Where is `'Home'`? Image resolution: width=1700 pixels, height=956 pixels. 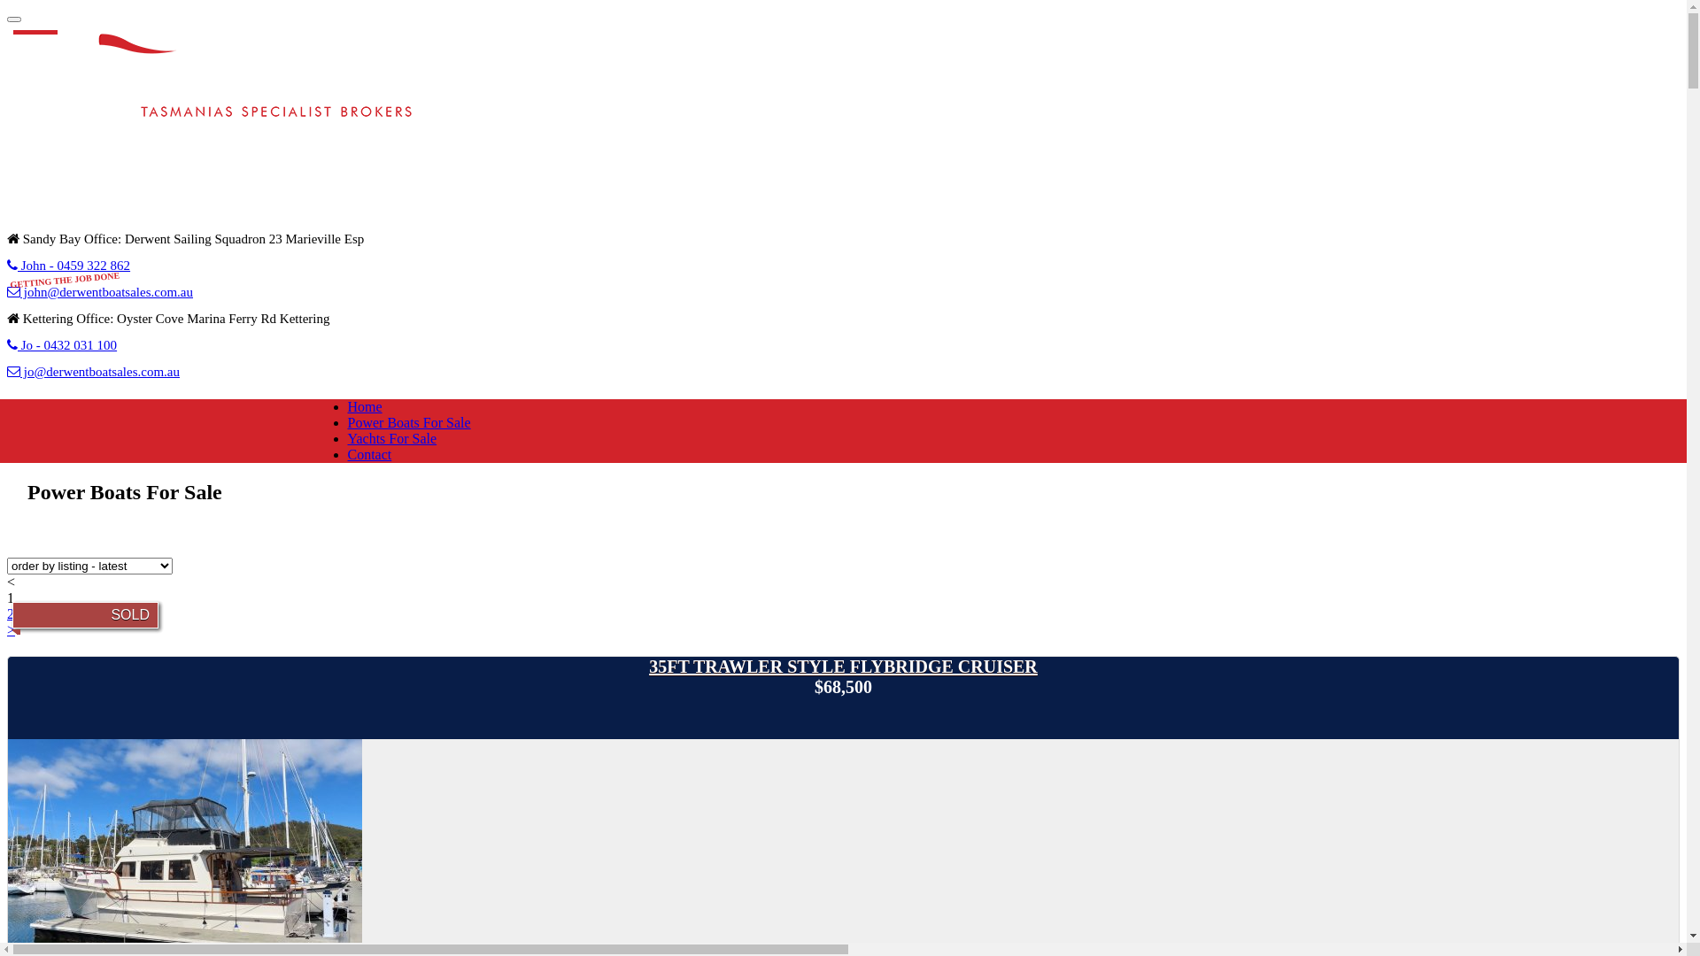
'Home' is located at coordinates (363, 406).